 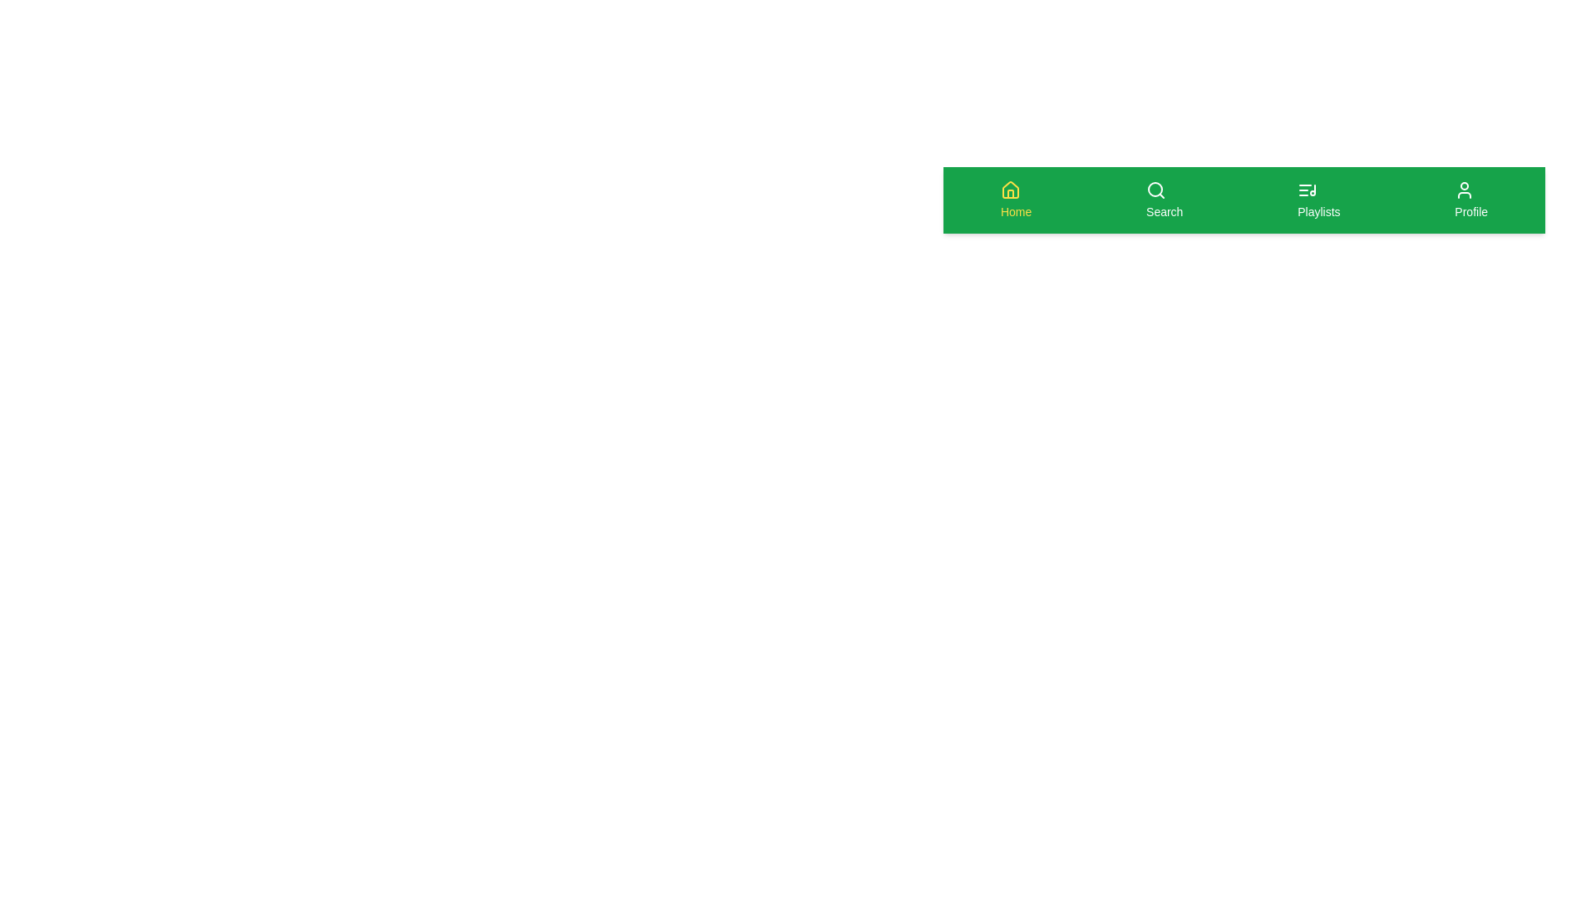 I want to click on the 'Playlists' button in the bottom navigation bar, so click(x=1318, y=199).